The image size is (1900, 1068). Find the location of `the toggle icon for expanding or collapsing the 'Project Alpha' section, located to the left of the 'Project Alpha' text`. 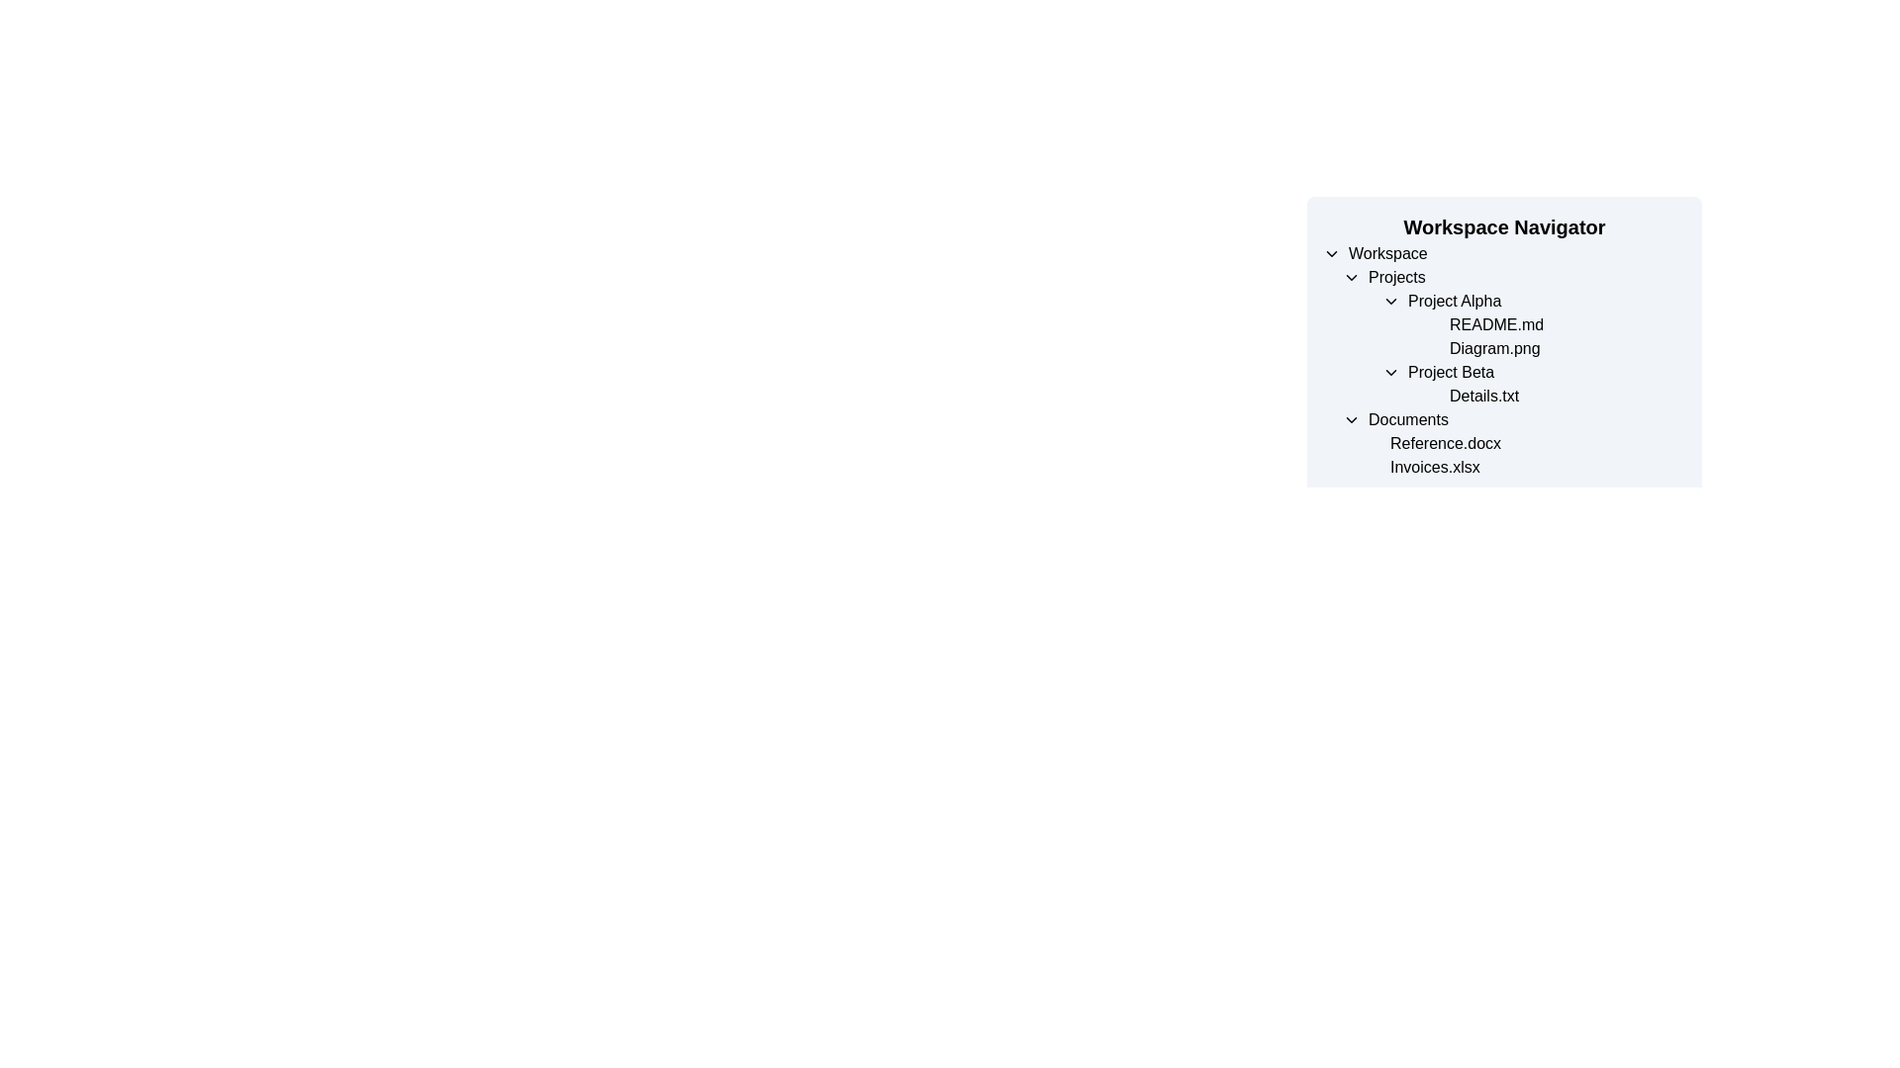

the toggle icon for expanding or collapsing the 'Project Alpha' section, located to the left of the 'Project Alpha' text is located at coordinates (1390, 301).